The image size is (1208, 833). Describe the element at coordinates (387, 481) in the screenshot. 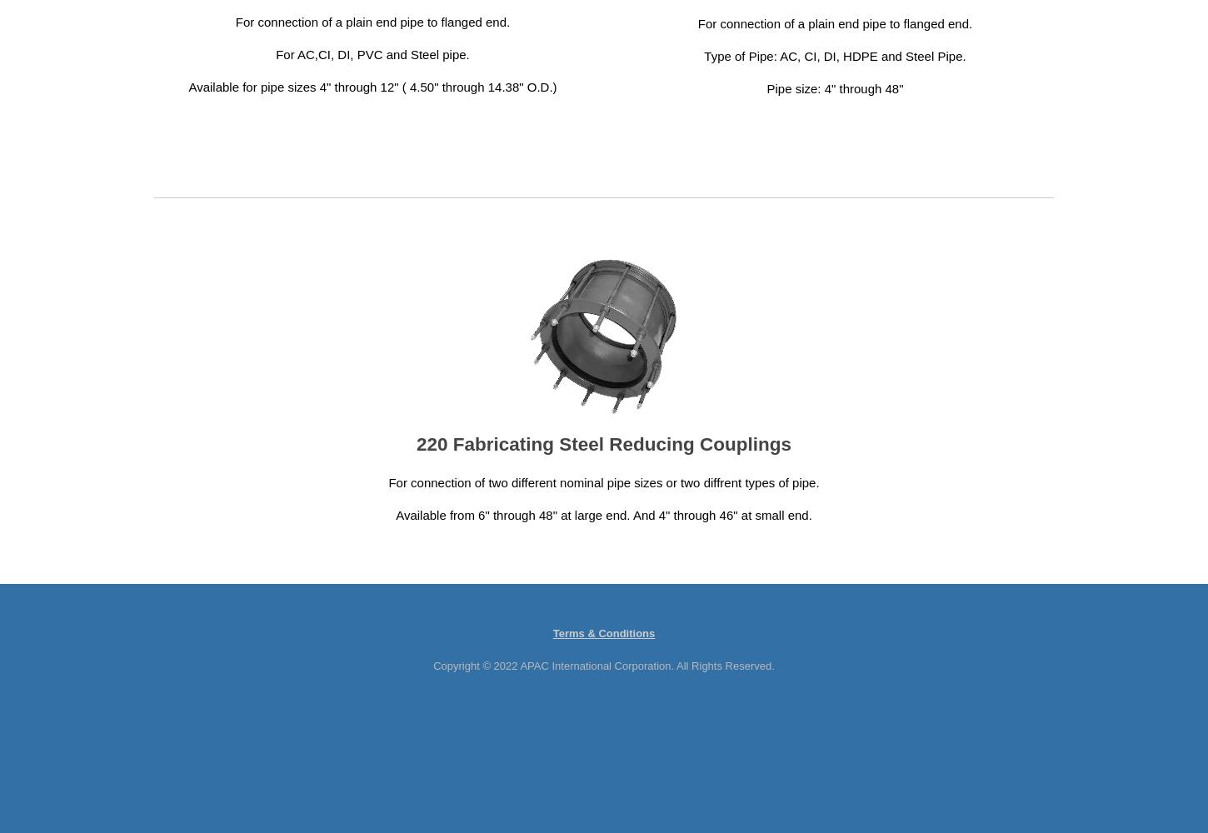

I see `'For connection of two different nominal pipe sizes or two diffrent types of pipe.'` at that location.